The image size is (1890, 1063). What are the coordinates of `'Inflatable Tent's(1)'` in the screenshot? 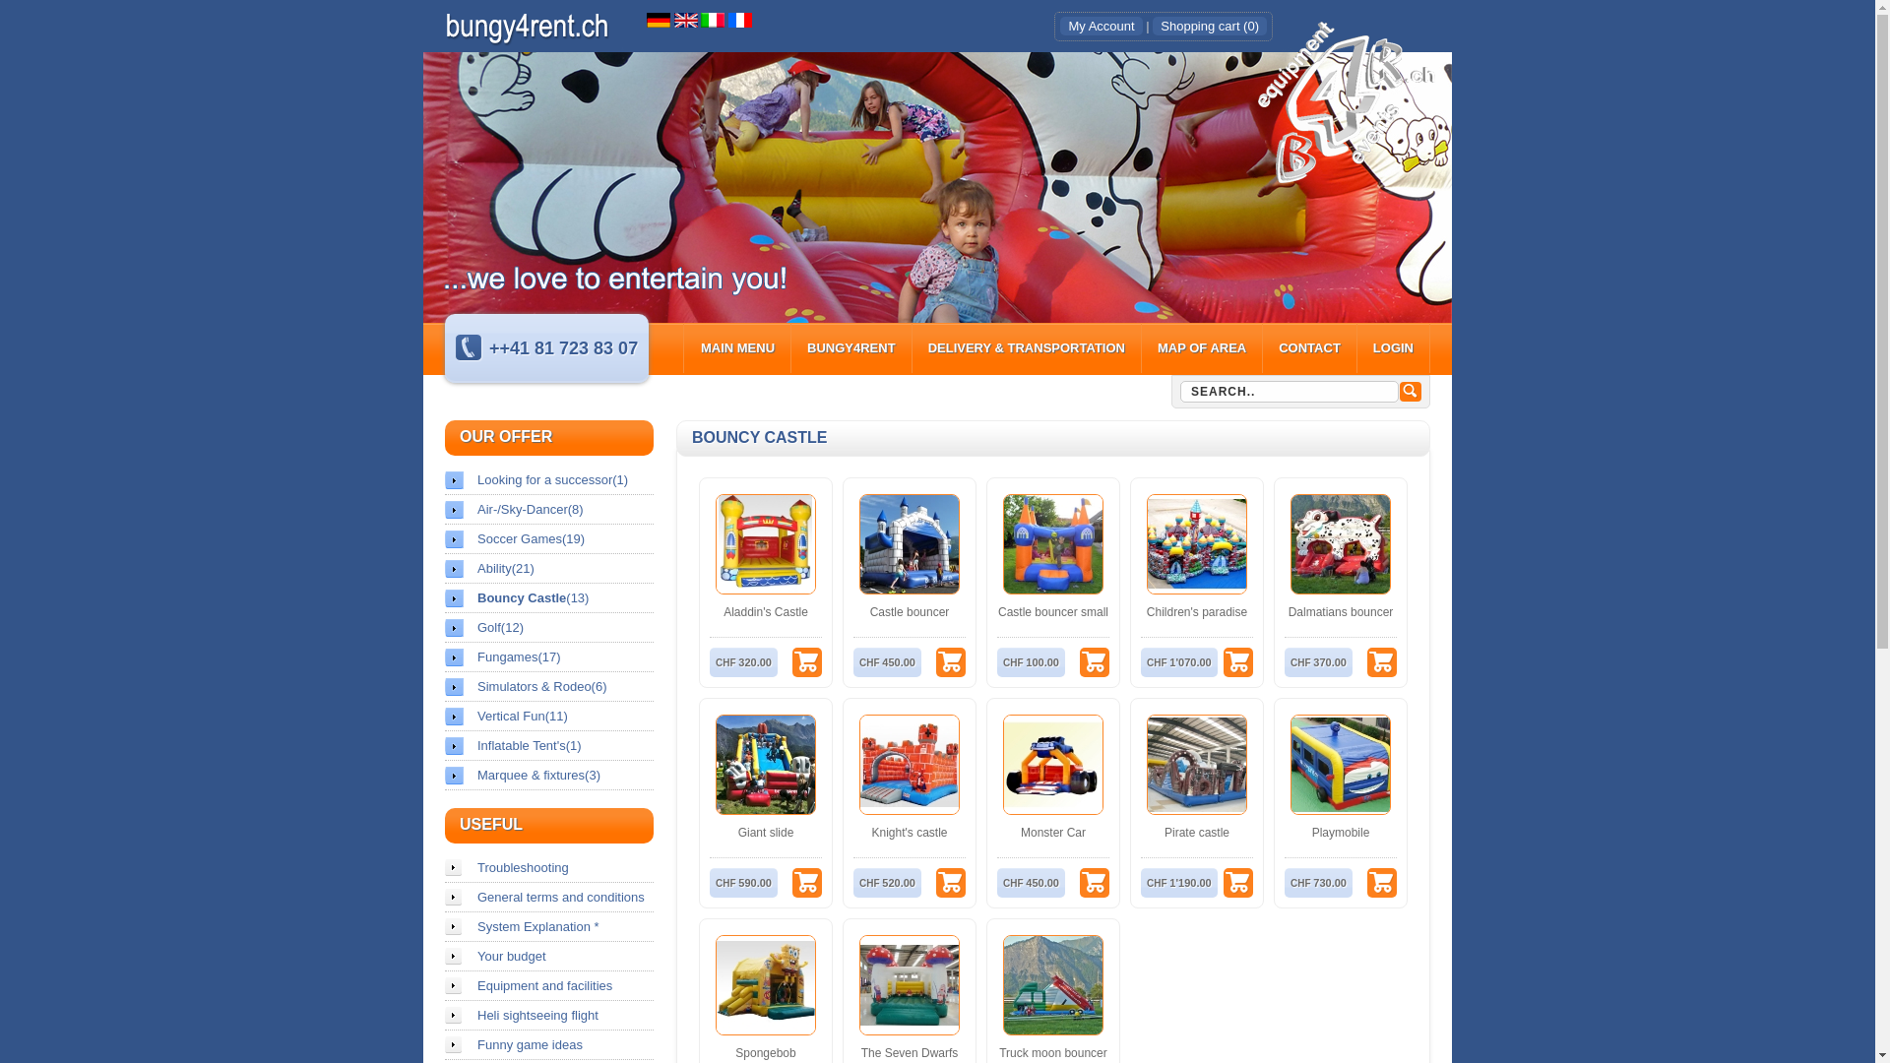 It's located at (548, 745).